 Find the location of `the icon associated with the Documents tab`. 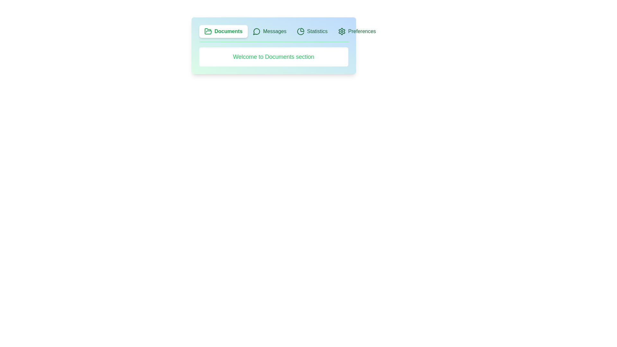

the icon associated with the Documents tab is located at coordinates (208, 31).